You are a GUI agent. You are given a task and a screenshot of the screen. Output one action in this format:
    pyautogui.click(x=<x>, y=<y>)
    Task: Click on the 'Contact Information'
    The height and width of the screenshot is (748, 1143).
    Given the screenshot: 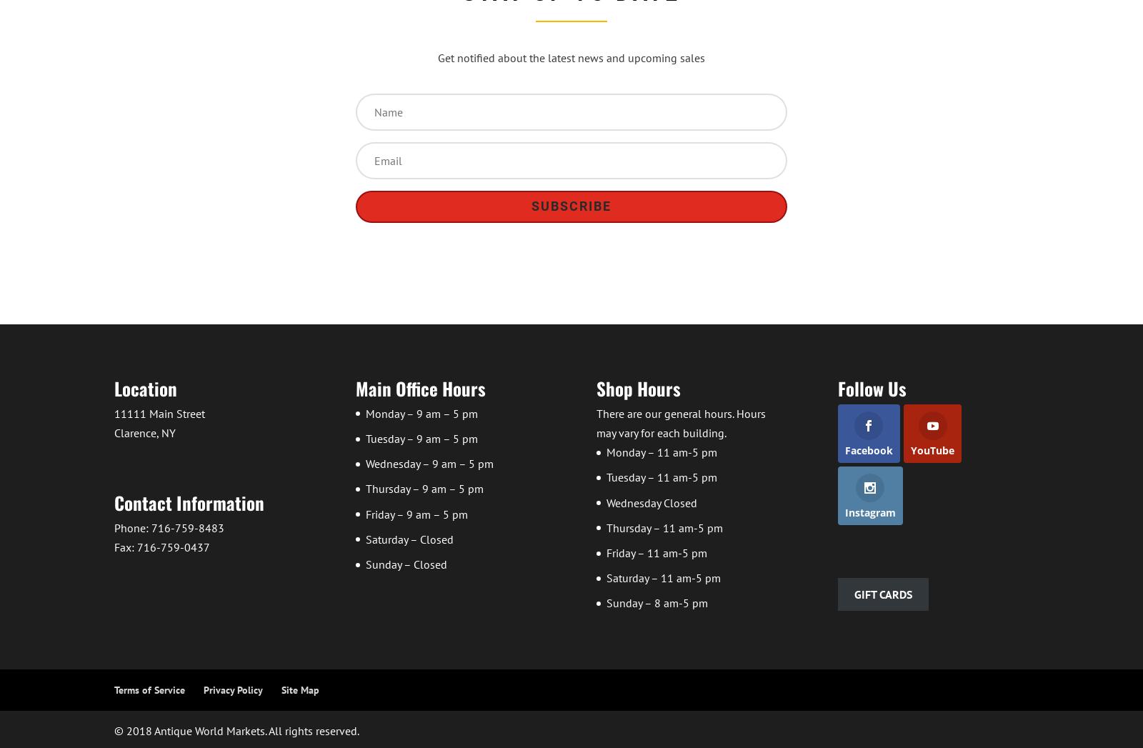 What is the action you would take?
    pyautogui.click(x=189, y=501)
    